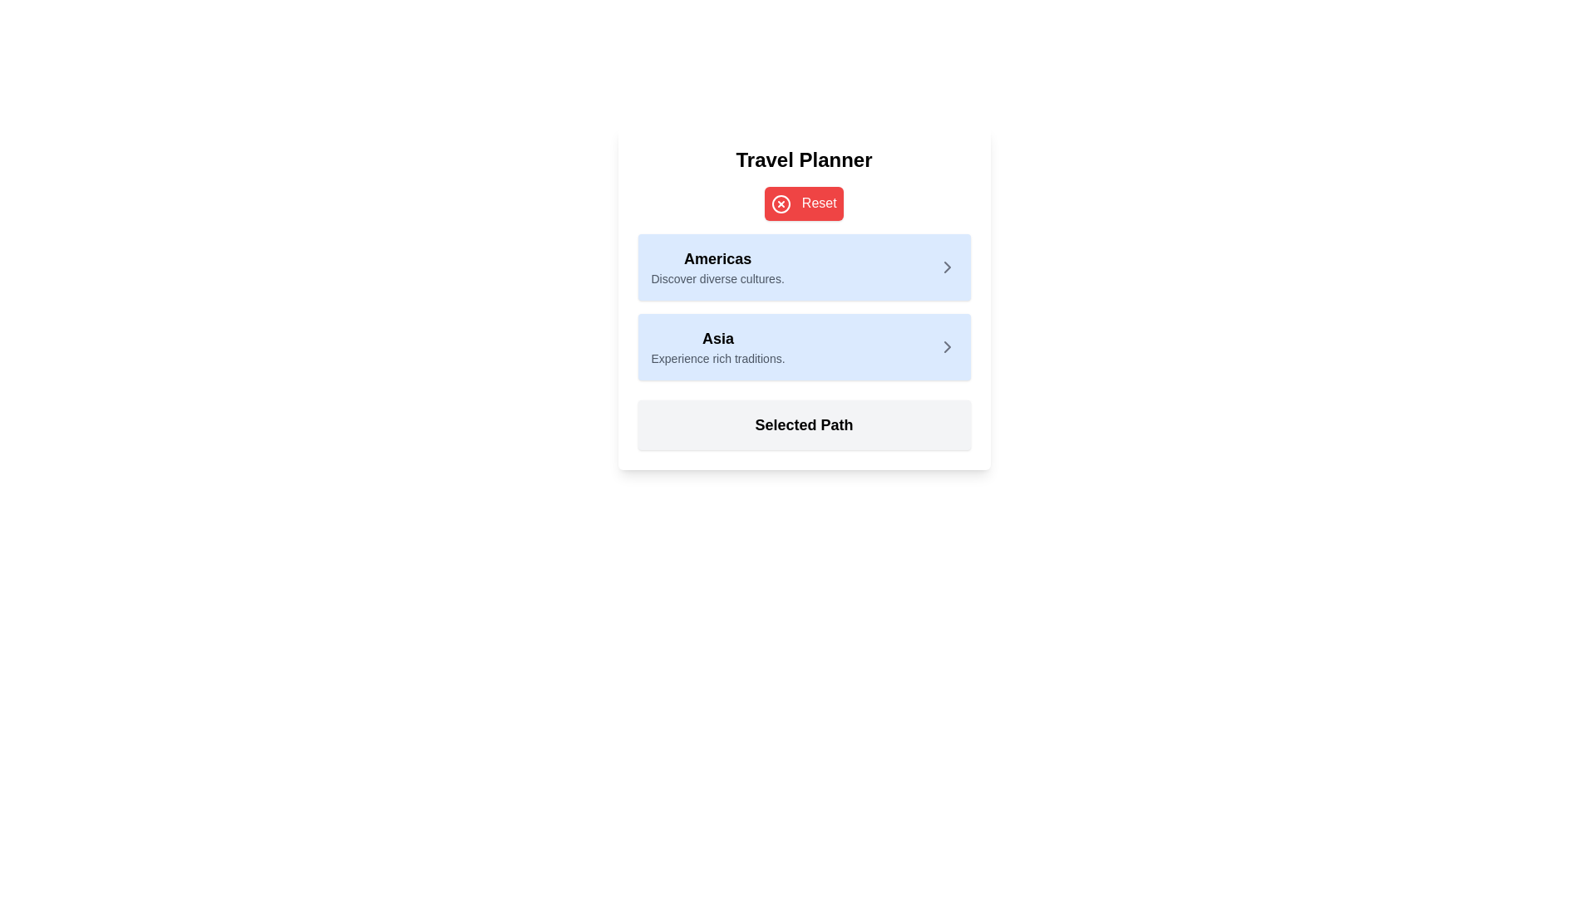 The height and width of the screenshot is (897, 1596). I want to click on the chevron icon located at the rightmost section of the 'Americas' card, so click(947, 266).